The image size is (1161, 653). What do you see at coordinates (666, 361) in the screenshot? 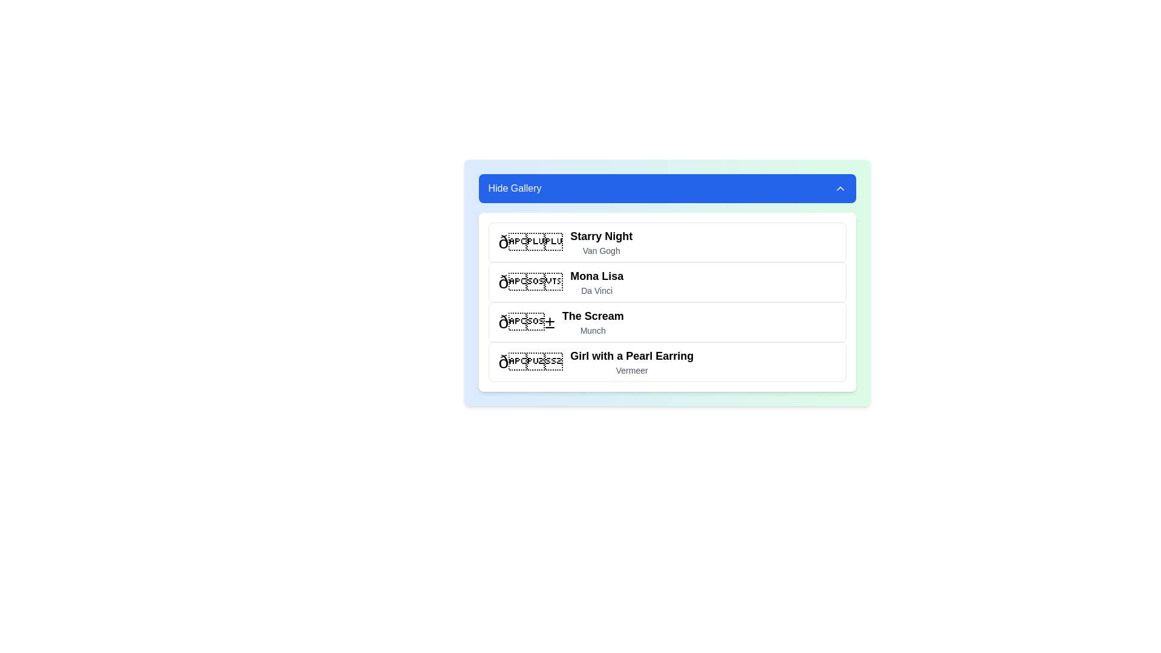
I see `the list item representing the painting 'Girl with a Pearl Earring'` at bounding box center [666, 361].